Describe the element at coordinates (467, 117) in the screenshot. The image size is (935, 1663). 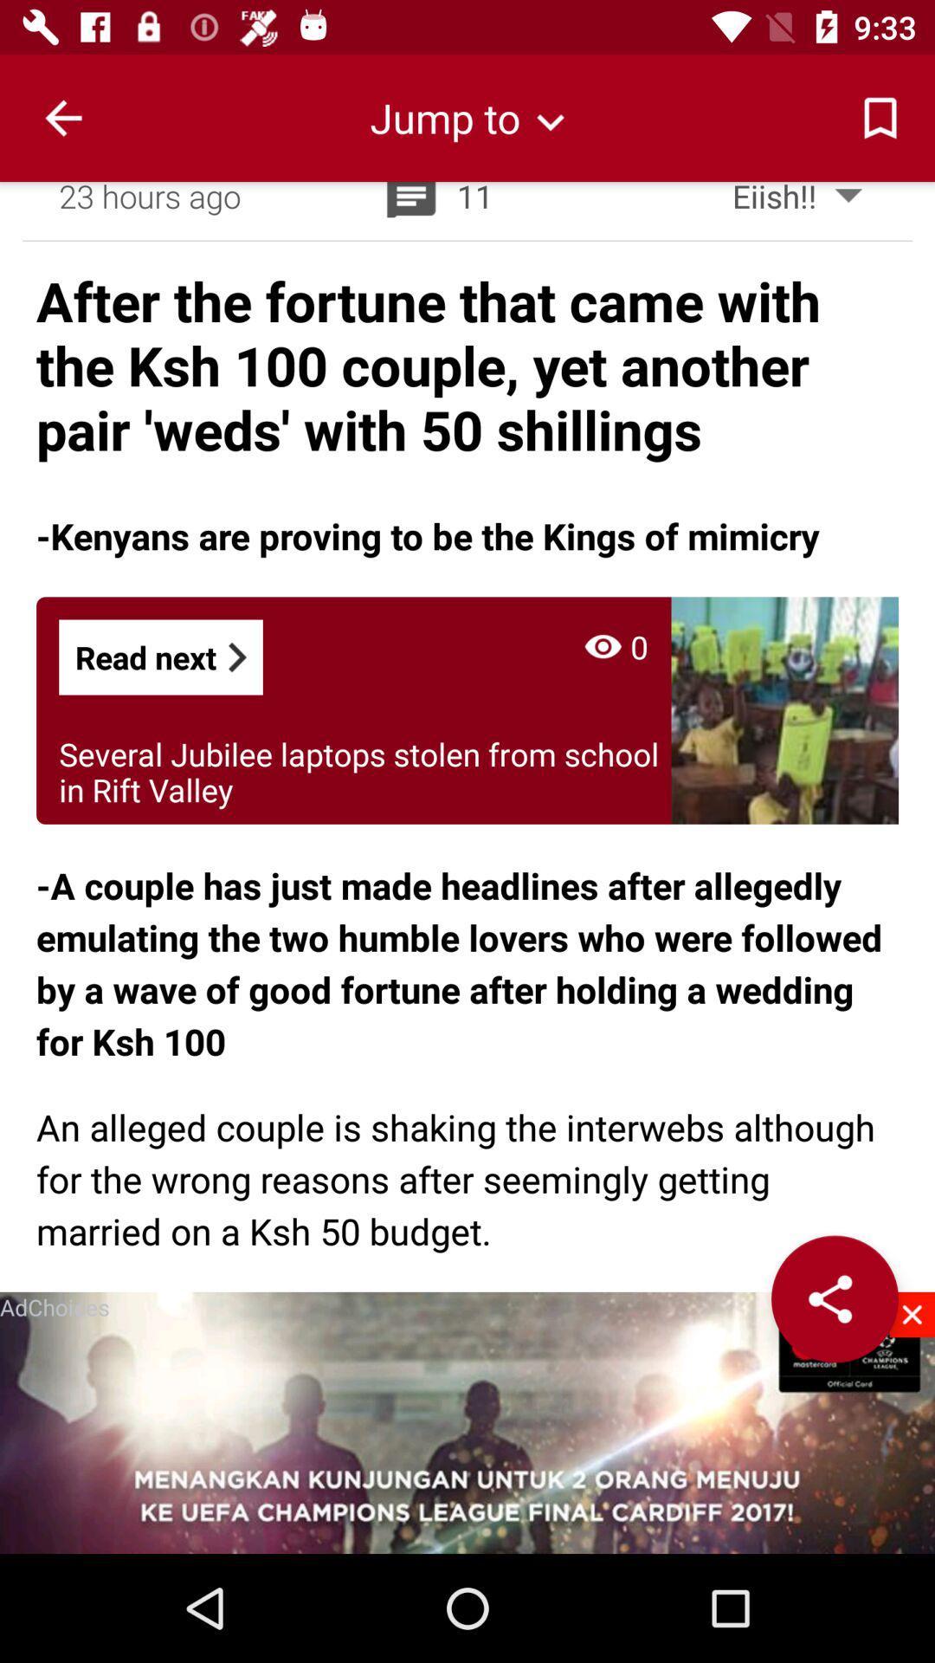
I see `jump to next publication` at that location.